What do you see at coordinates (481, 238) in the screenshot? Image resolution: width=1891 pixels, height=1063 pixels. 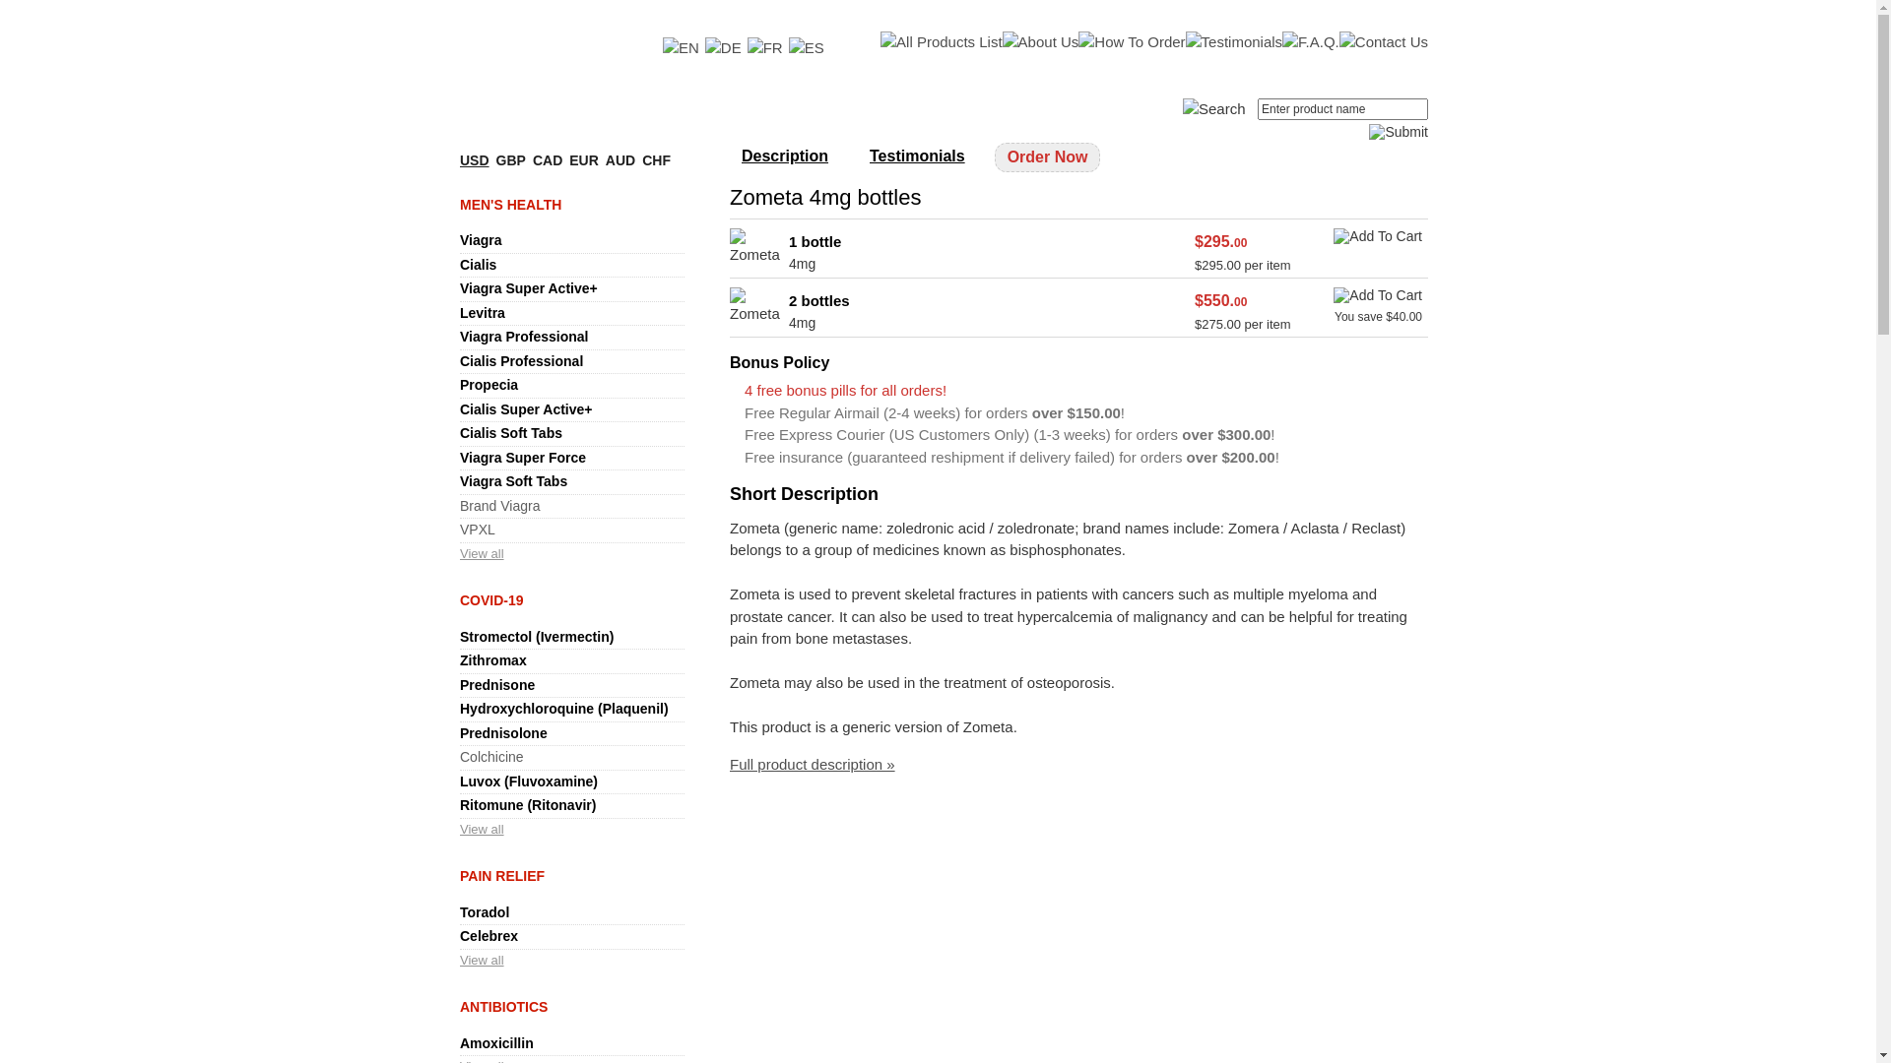 I see `'Viagra'` at bounding box center [481, 238].